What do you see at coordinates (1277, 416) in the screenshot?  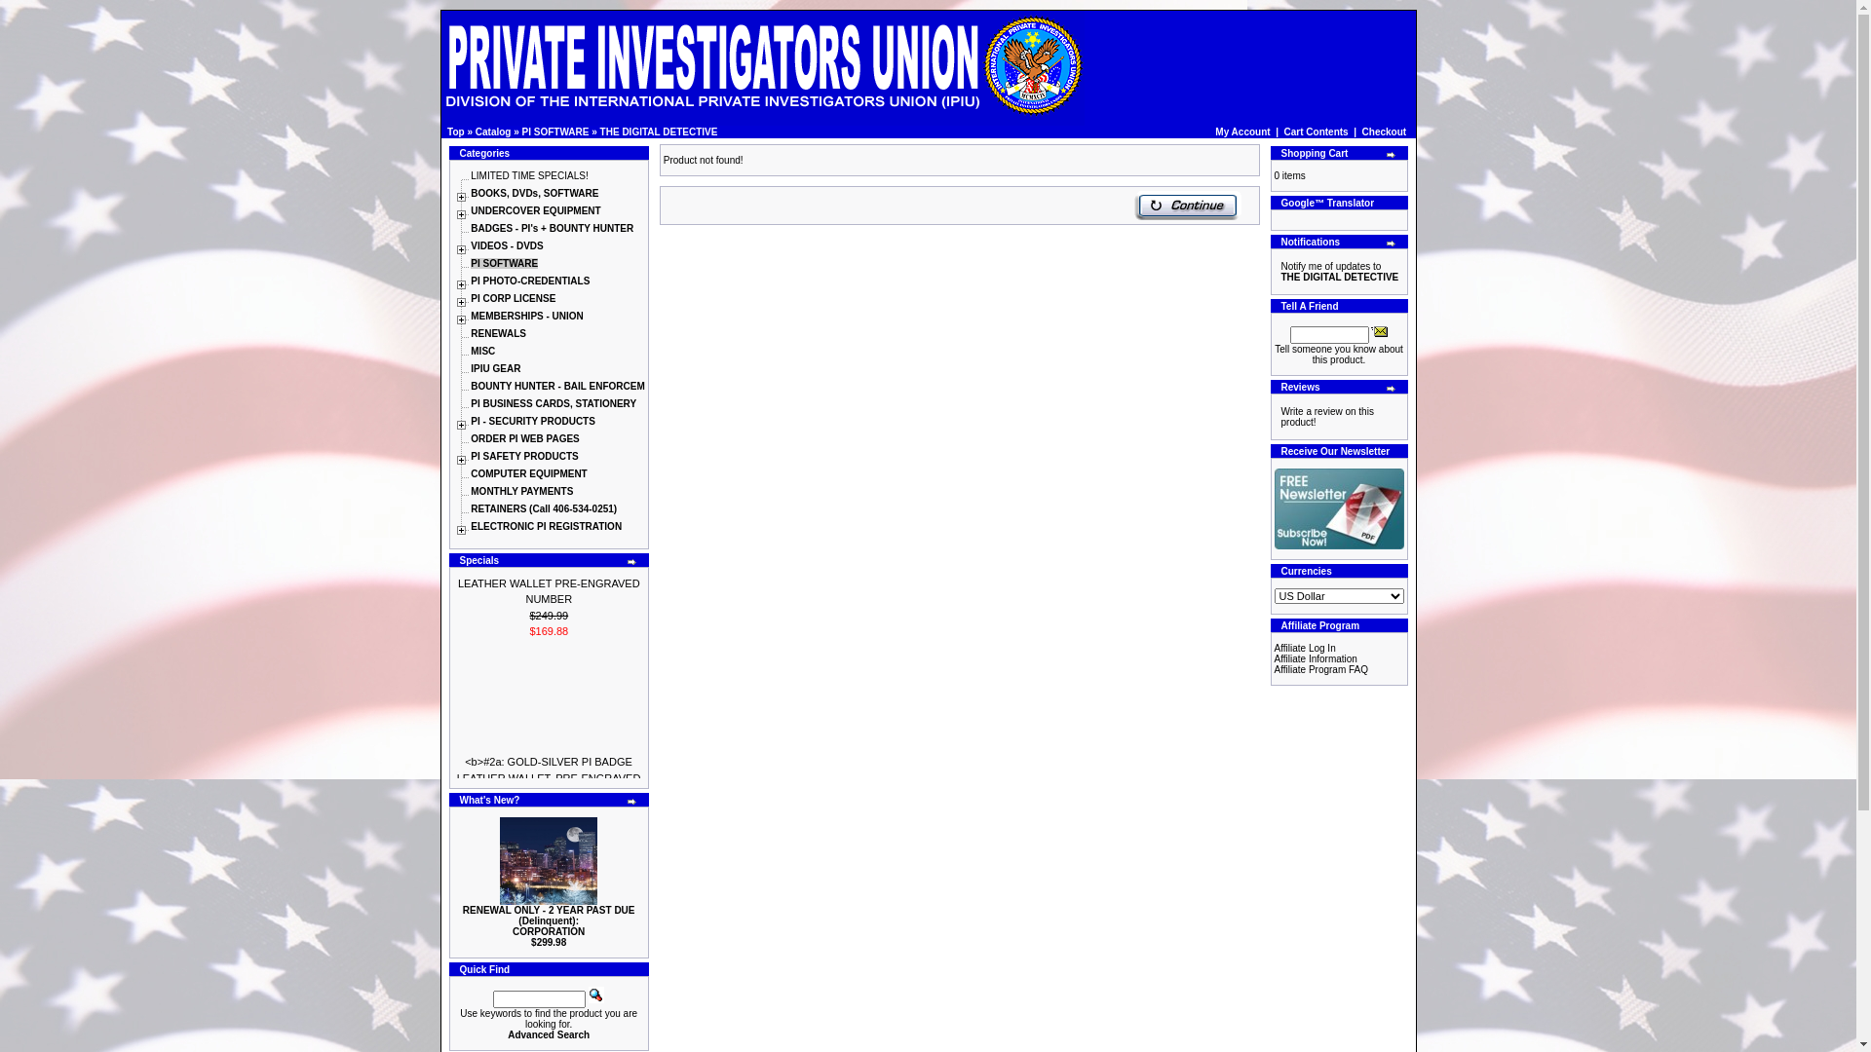 I see `' Write Review '` at bounding box center [1277, 416].